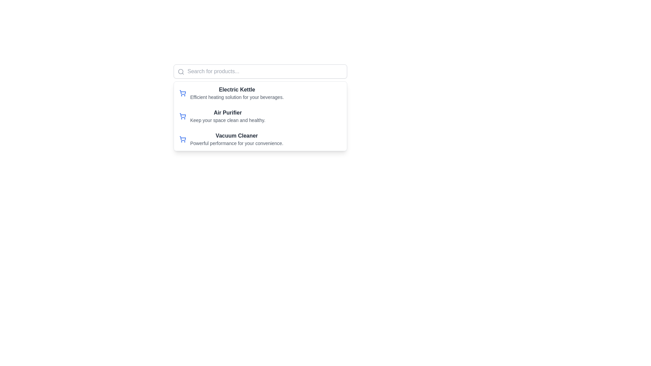  Describe the element at coordinates (181, 72) in the screenshot. I see `the search icon, which is a minimalist and modern magnifying glass styled element located within the top-left area of the search bar` at that location.